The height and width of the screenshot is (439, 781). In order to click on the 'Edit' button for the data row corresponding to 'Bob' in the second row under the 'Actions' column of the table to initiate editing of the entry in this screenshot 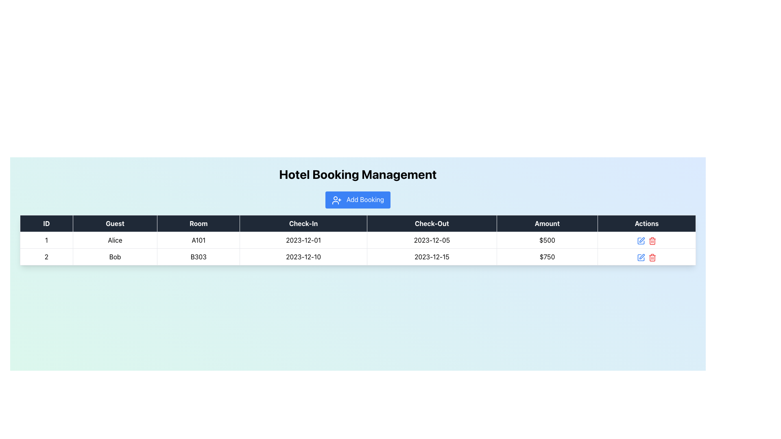, I will do `click(641, 239)`.